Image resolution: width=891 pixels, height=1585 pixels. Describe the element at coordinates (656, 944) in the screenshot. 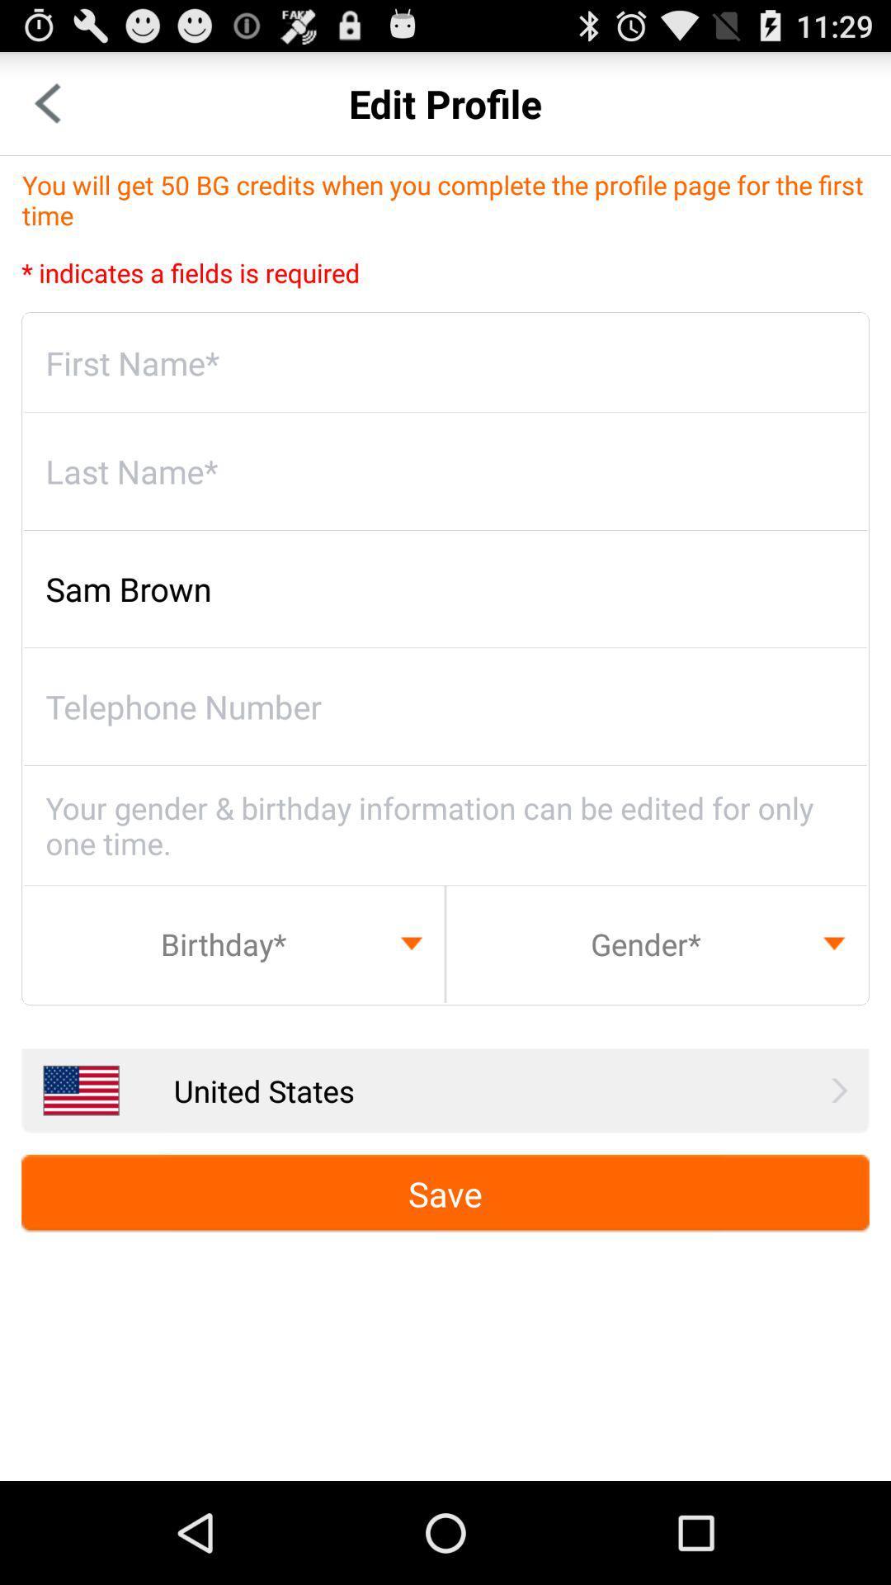

I see `dropdown gender selection` at that location.